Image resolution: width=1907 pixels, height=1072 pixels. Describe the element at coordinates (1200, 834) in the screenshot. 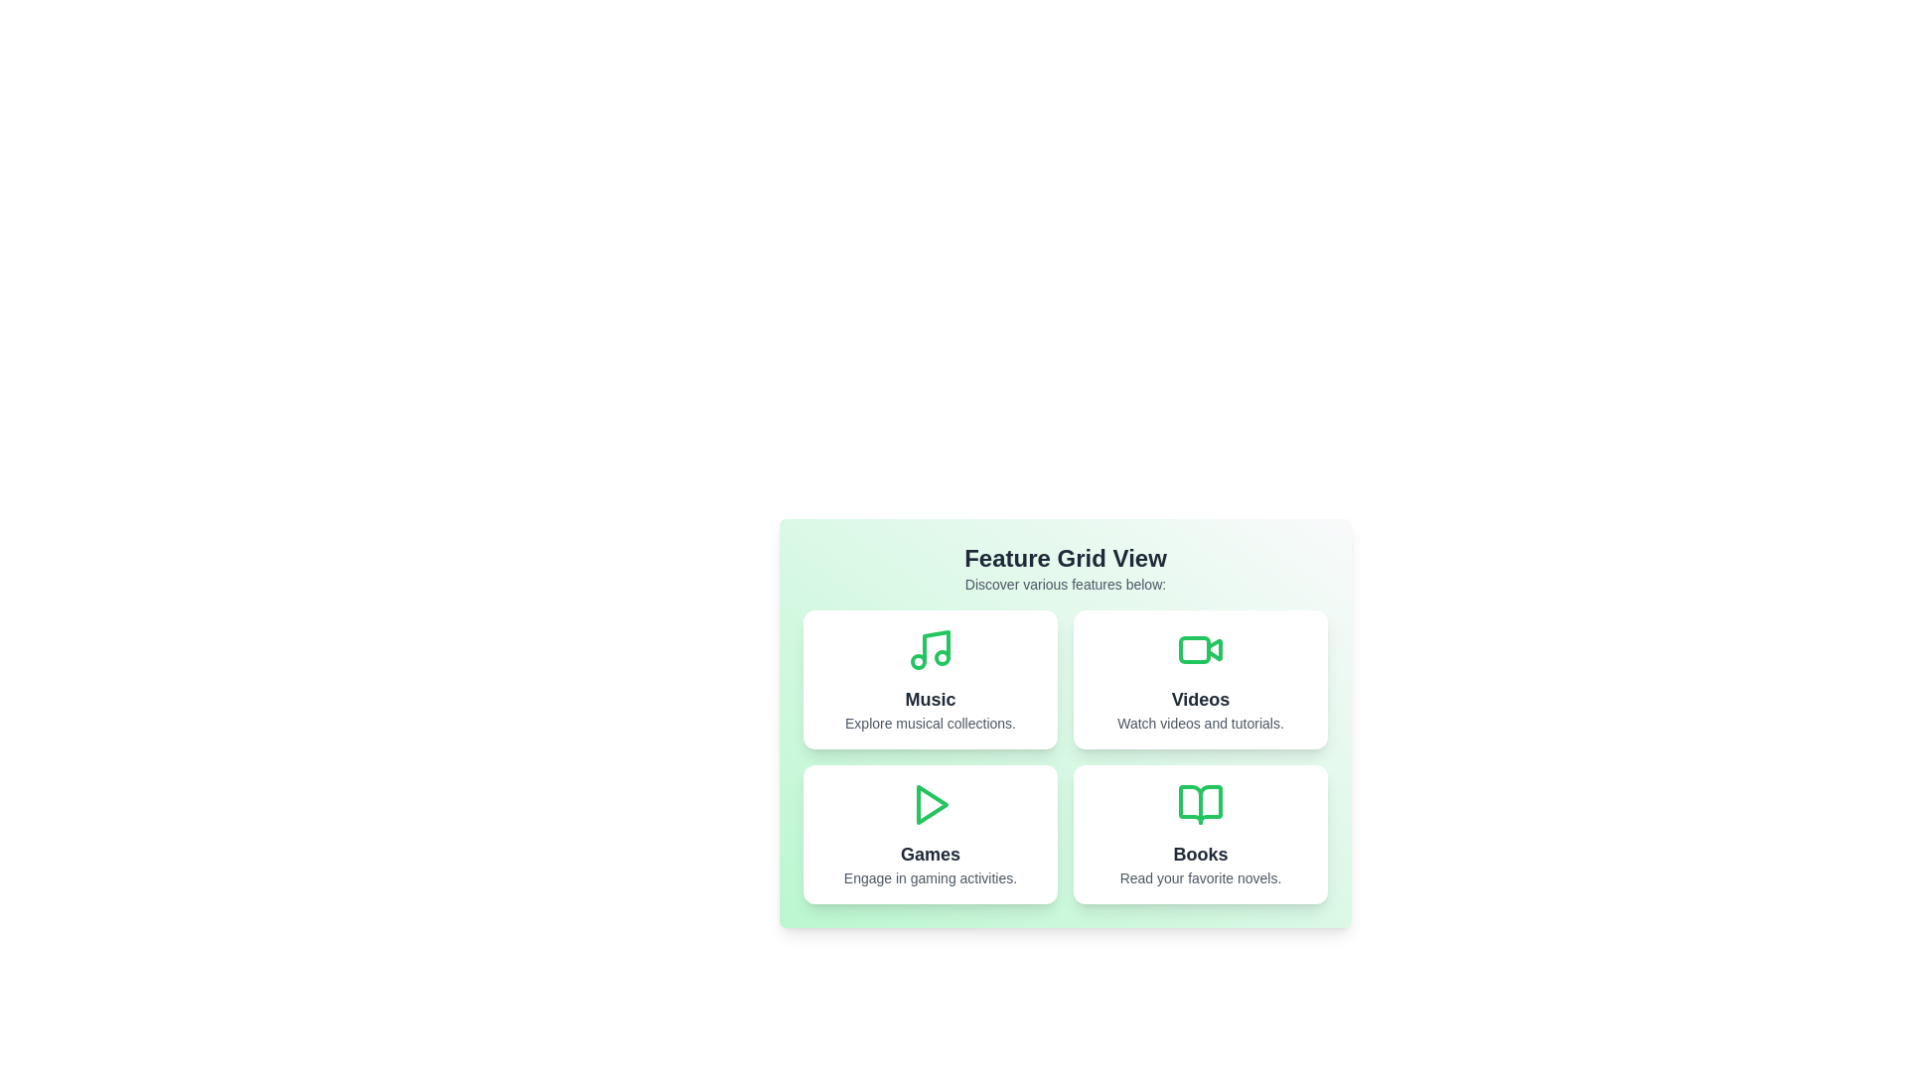

I see `the Books card to observe its hover effect` at that location.